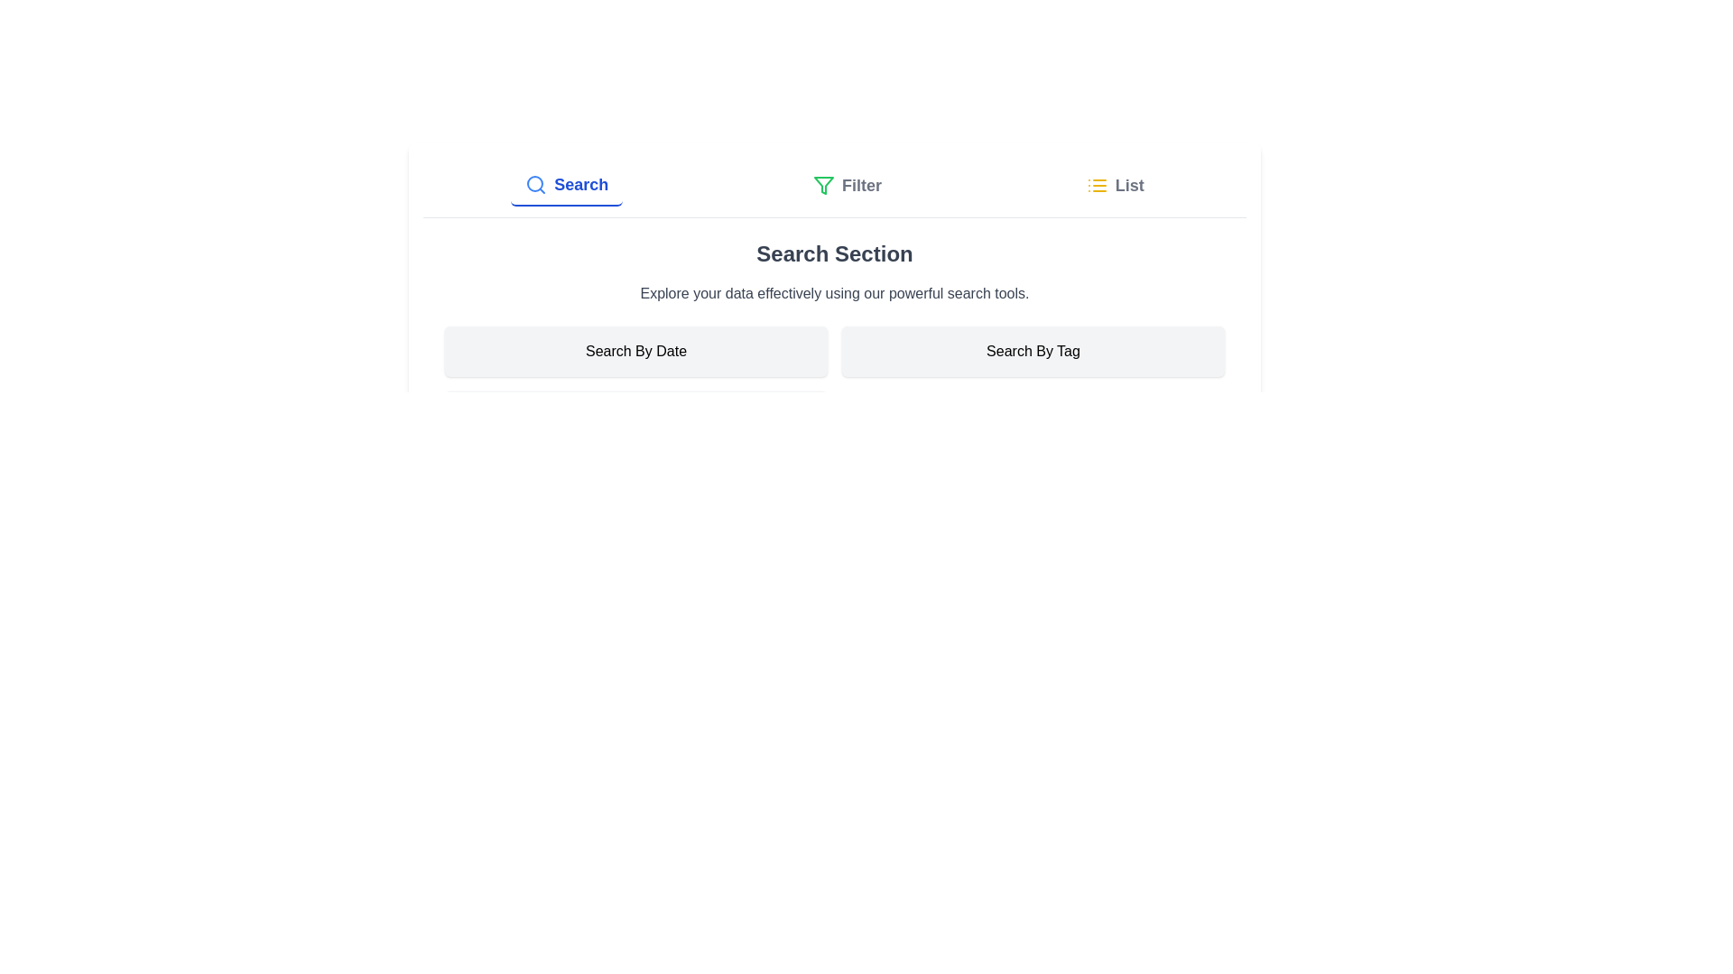 This screenshot has width=1733, height=974. What do you see at coordinates (566, 185) in the screenshot?
I see `the Search tab by clicking on it` at bounding box center [566, 185].